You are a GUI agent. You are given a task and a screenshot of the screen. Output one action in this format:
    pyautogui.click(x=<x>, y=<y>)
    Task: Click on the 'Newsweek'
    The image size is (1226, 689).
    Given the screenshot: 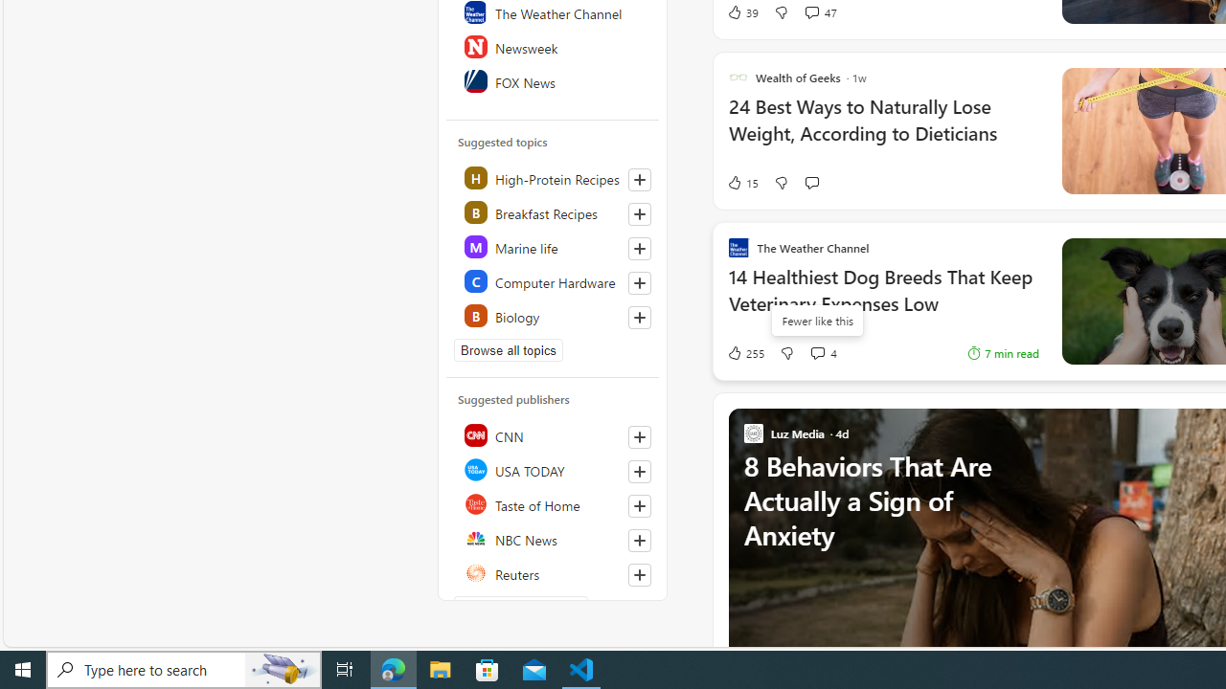 What is the action you would take?
    pyautogui.click(x=553, y=45)
    